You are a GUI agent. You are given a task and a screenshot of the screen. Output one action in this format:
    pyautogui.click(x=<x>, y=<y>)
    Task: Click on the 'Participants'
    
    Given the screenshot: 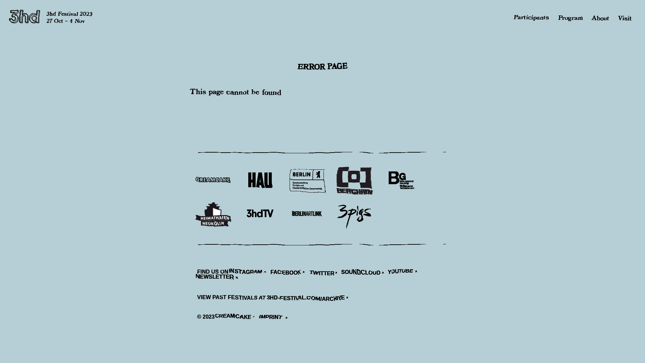 What is the action you would take?
    pyautogui.click(x=514, y=17)
    